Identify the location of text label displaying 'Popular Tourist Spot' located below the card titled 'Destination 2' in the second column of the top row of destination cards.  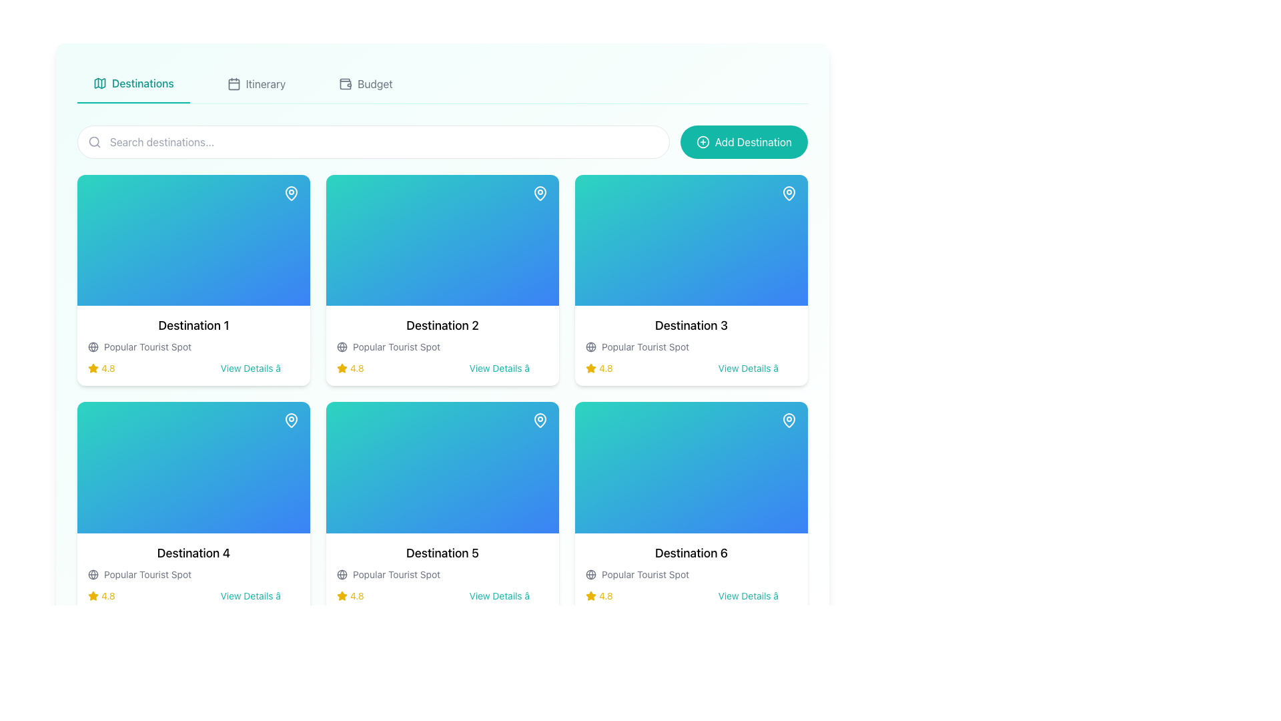
(396, 346).